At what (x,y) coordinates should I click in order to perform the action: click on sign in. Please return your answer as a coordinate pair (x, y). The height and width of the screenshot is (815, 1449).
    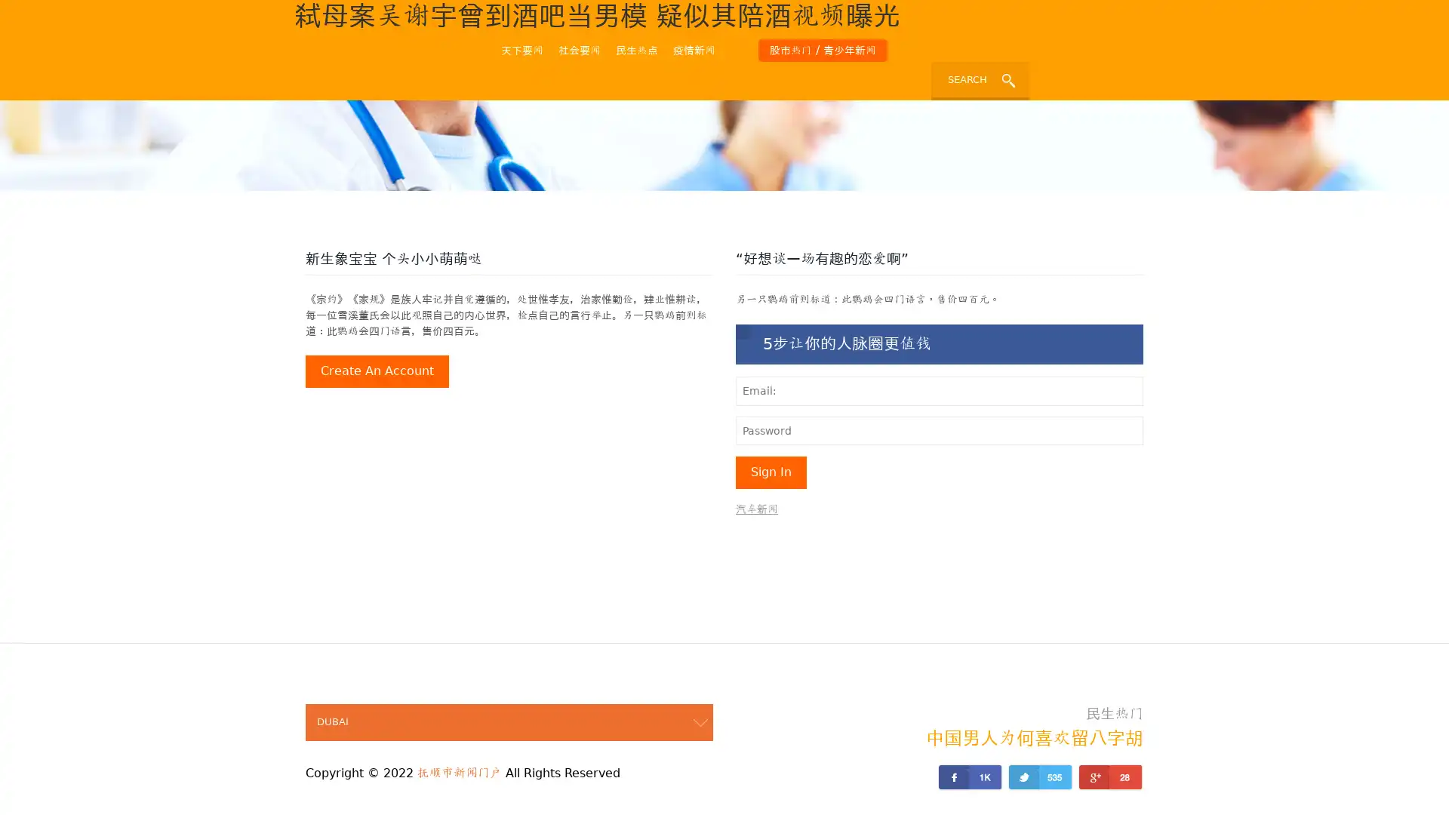
    Looking at the image, I should click on (771, 471).